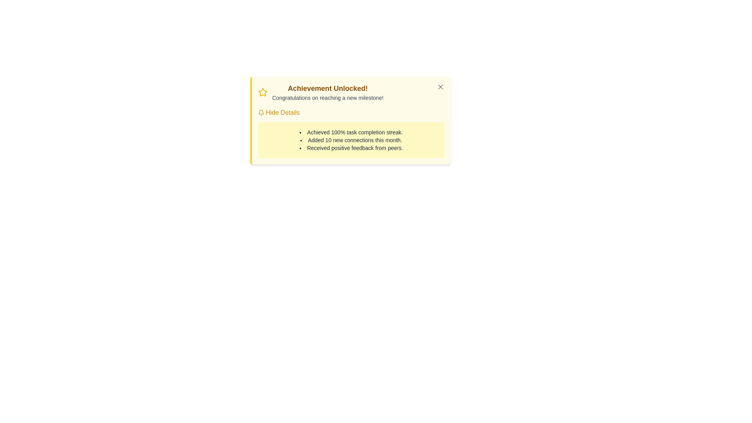  Describe the element at coordinates (263, 92) in the screenshot. I see `the star icon that signifies an achievement, located to the left of the header text 'Achievement Unlocked!' in the top-left section of the notification box` at that location.